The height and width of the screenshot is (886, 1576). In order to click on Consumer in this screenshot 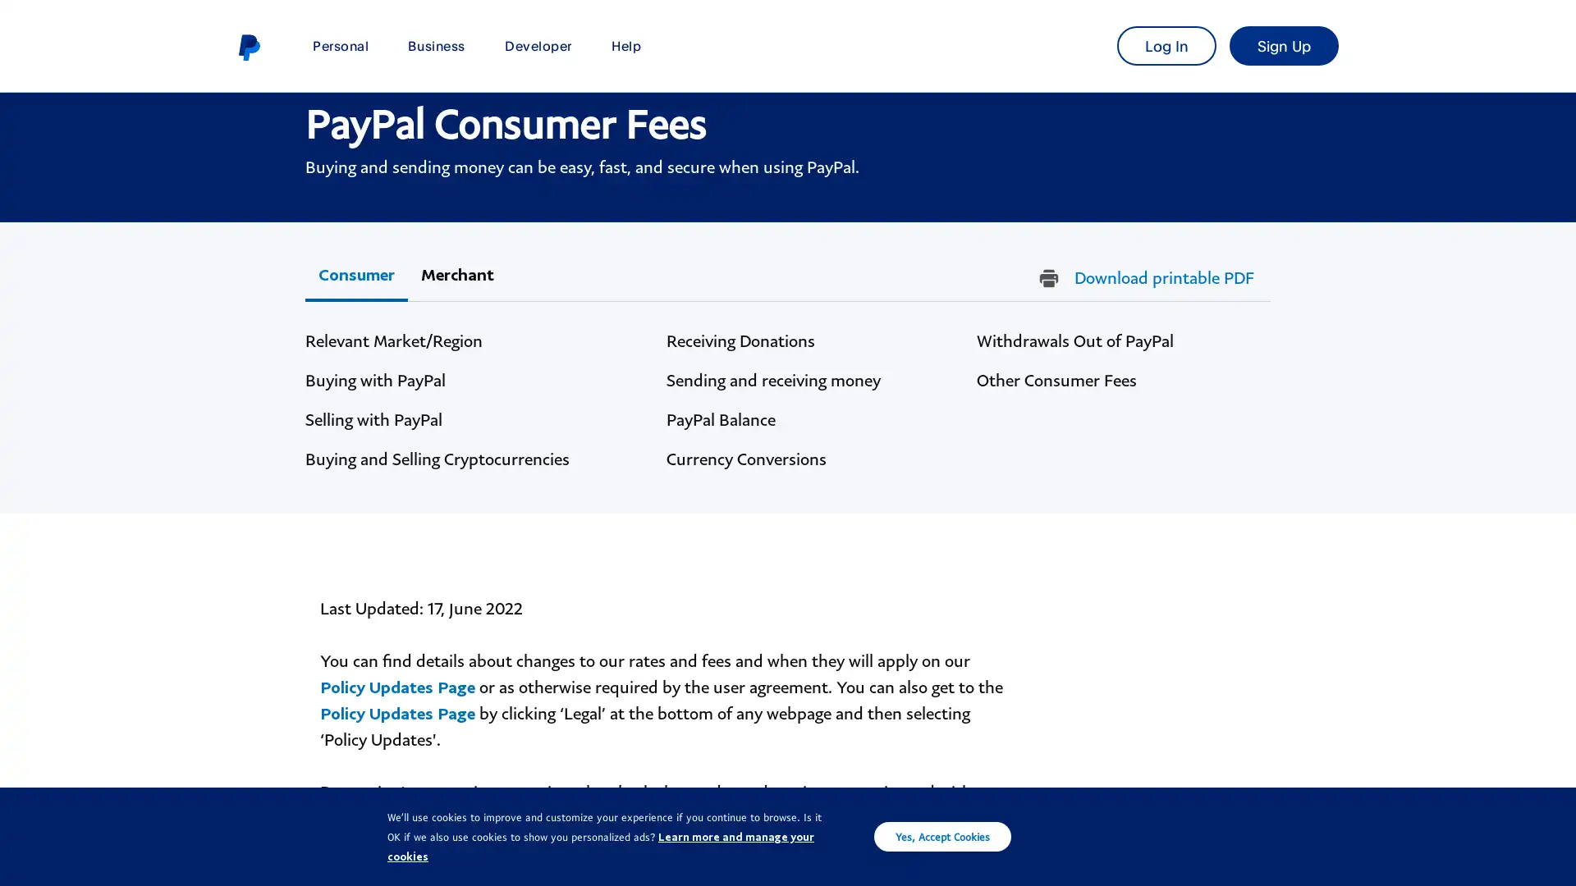, I will do `click(355, 274)`.